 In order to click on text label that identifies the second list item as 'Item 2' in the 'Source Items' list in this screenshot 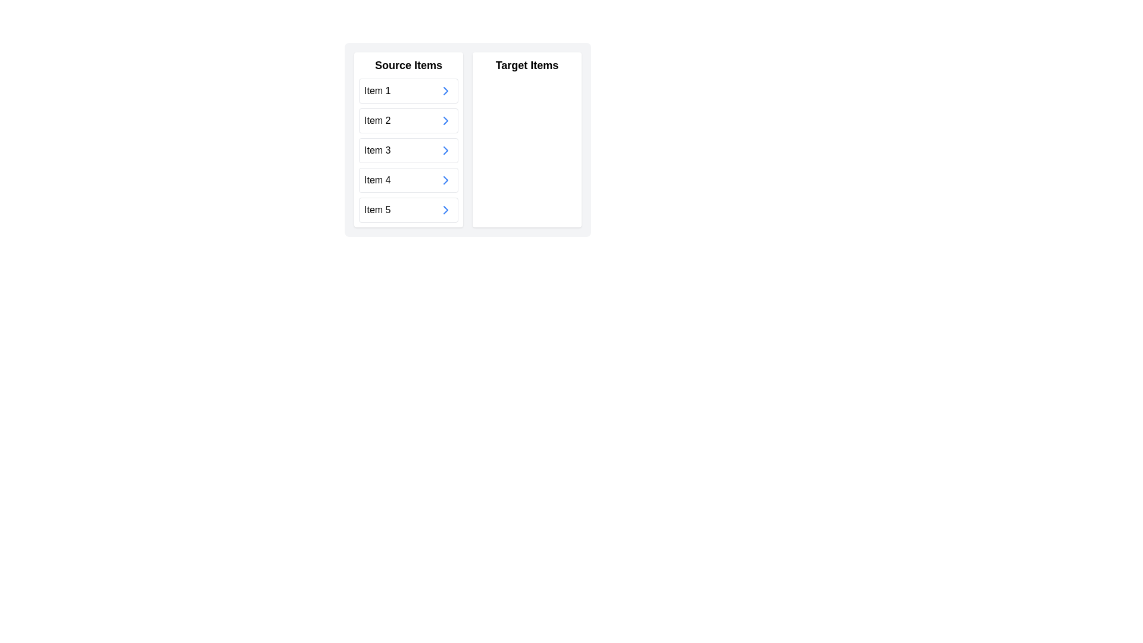, I will do `click(377, 121)`.